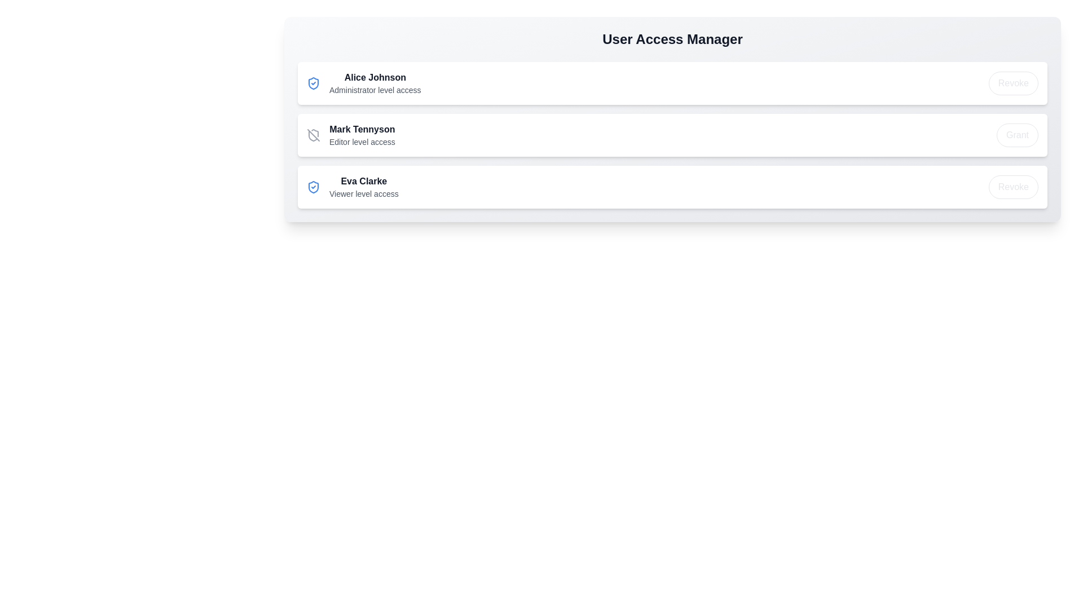 The image size is (1083, 609). What do you see at coordinates (314, 82) in the screenshot?
I see `the user access status icon to inspect its details` at bounding box center [314, 82].